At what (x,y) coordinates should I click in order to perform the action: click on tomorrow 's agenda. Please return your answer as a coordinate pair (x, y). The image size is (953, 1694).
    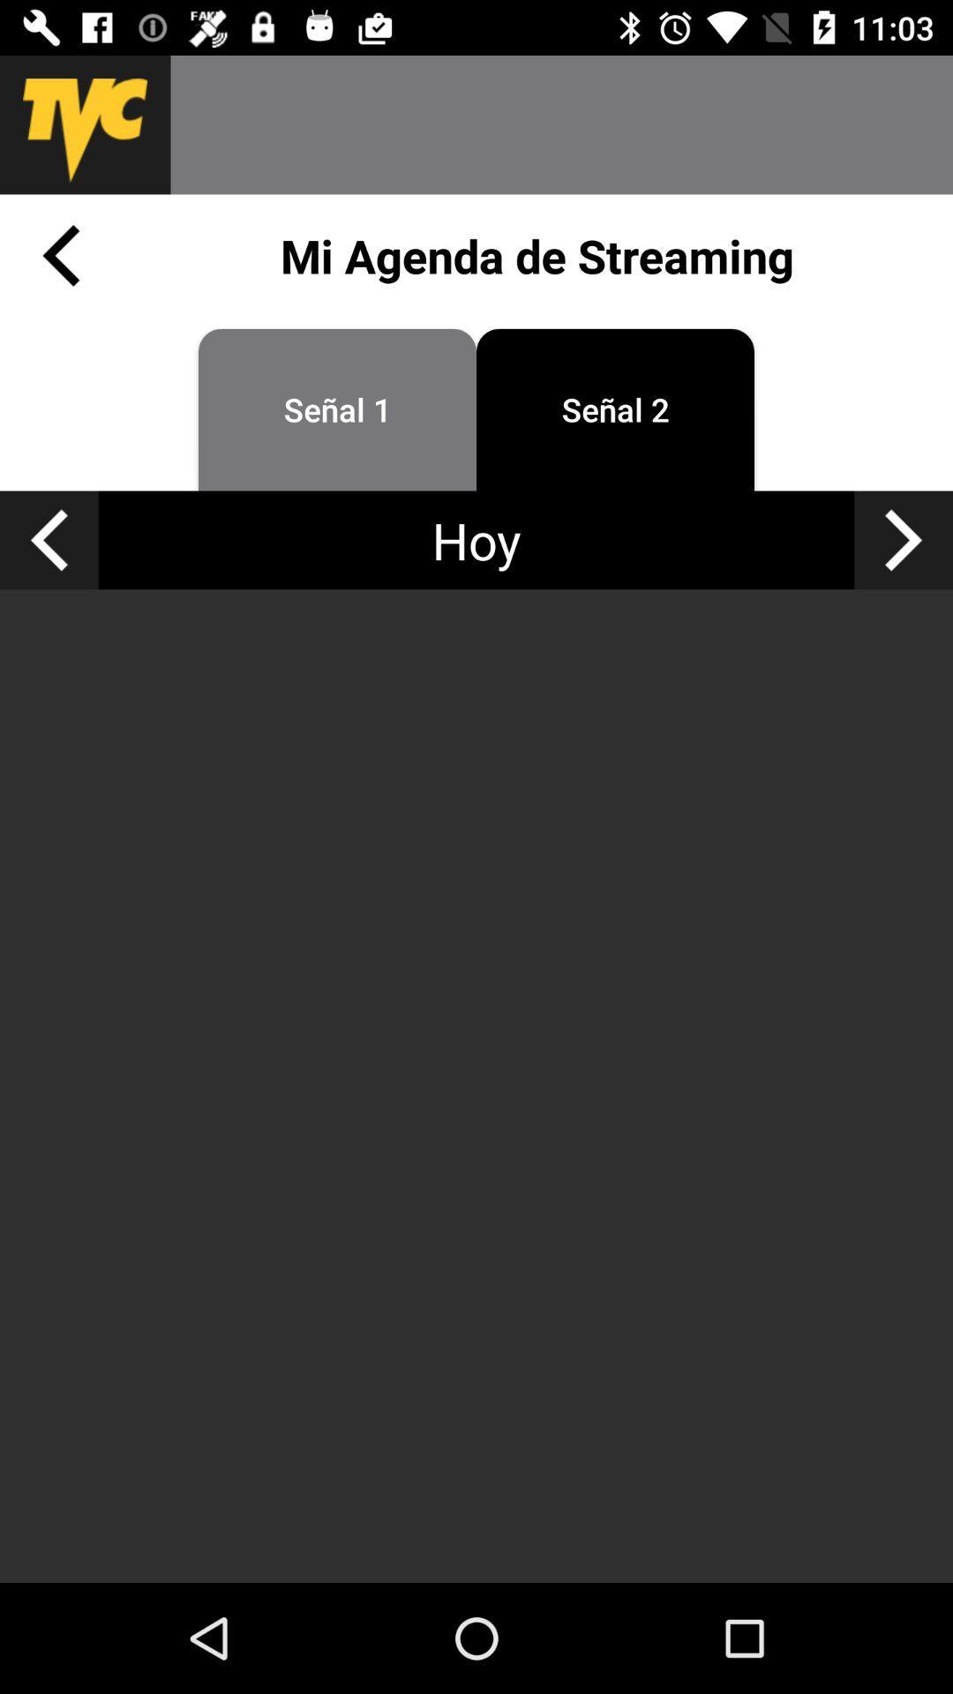
    Looking at the image, I should click on (904, 539).